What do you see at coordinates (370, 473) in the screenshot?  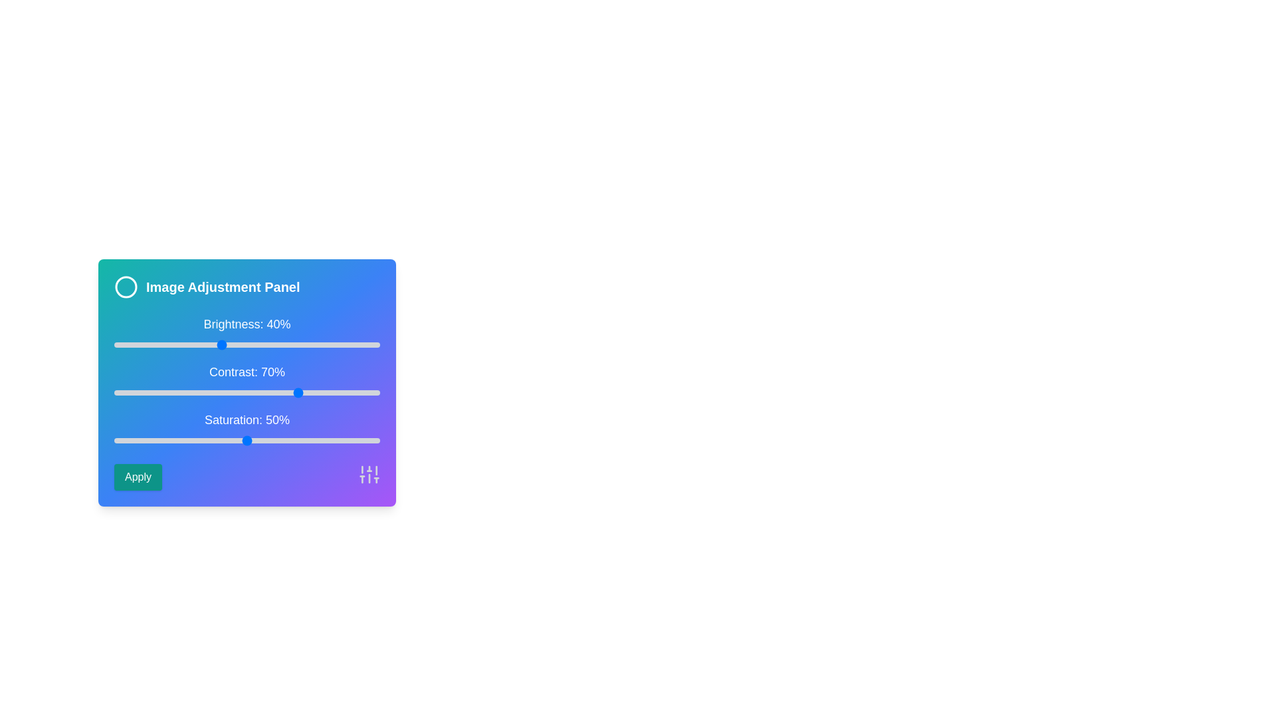 I see `the sliders icon to open additional functionality` at bounding box center [370, 473].